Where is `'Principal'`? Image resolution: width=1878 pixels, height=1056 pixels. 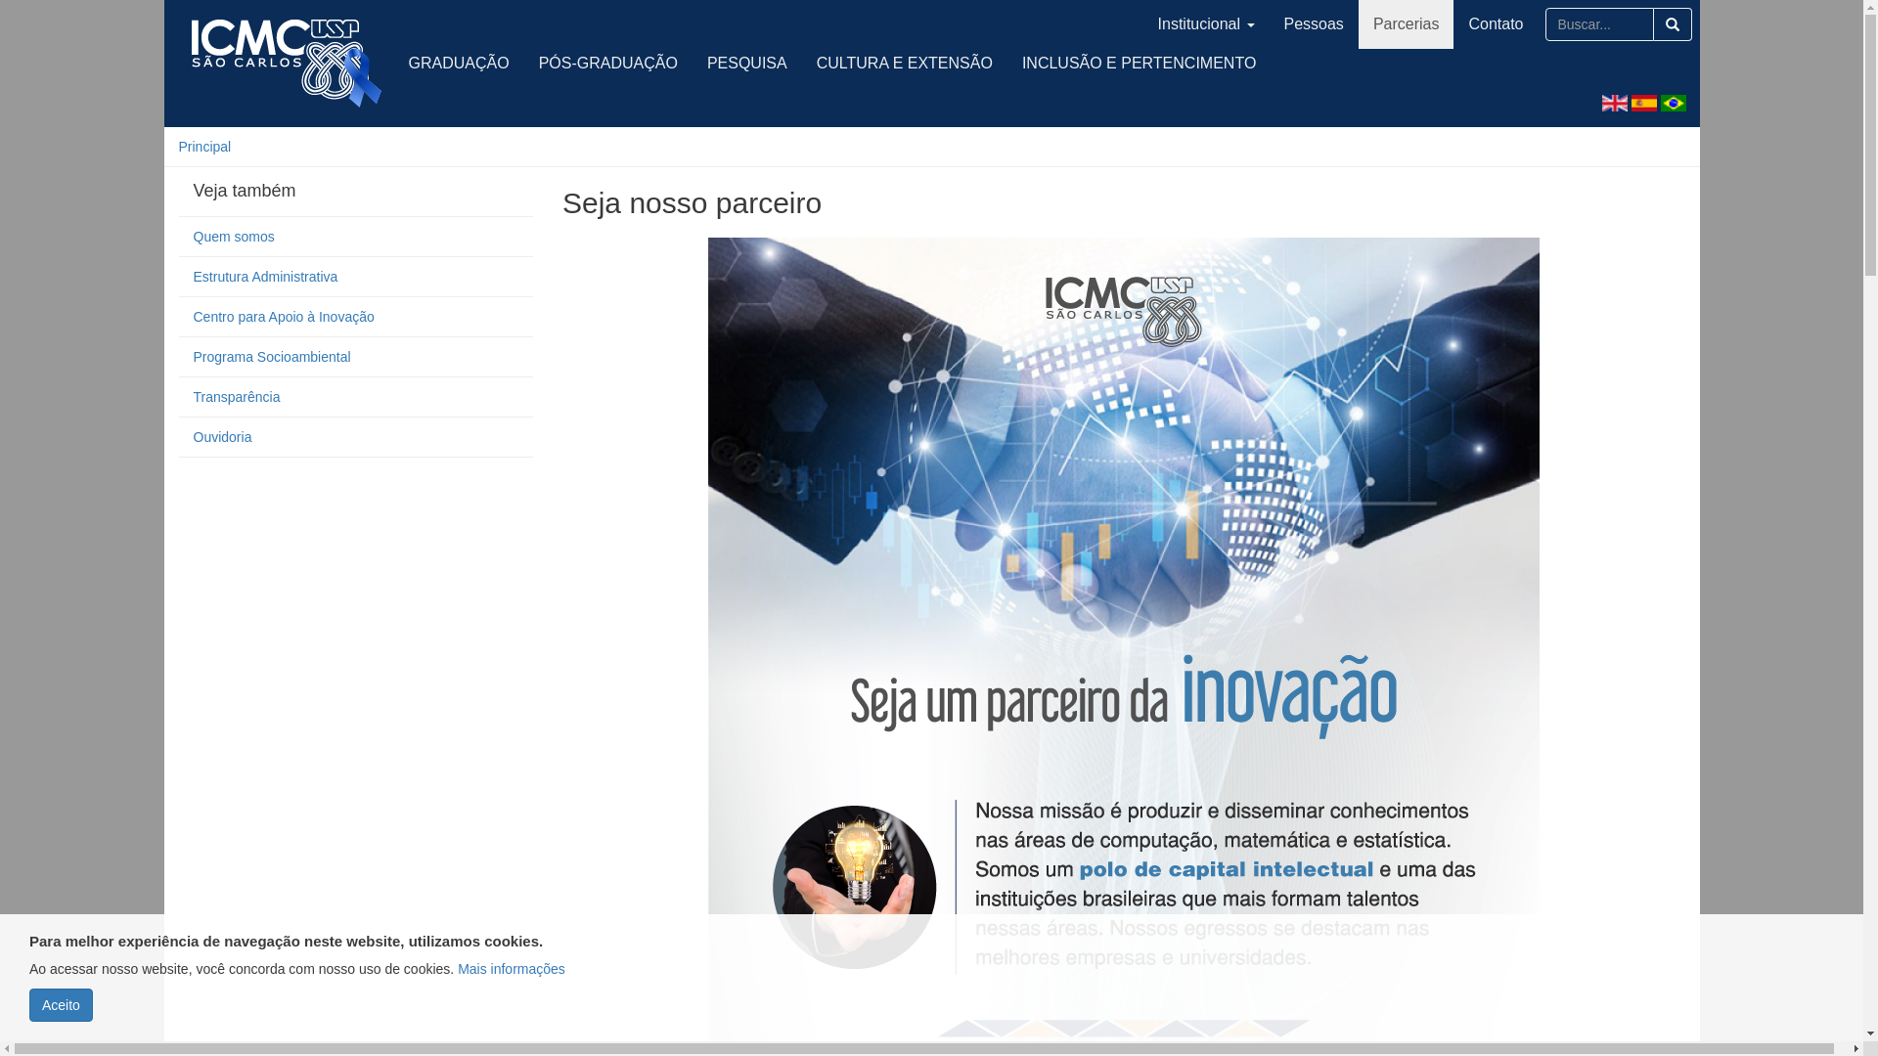 'Principal' is located at coordinates (204, 146).